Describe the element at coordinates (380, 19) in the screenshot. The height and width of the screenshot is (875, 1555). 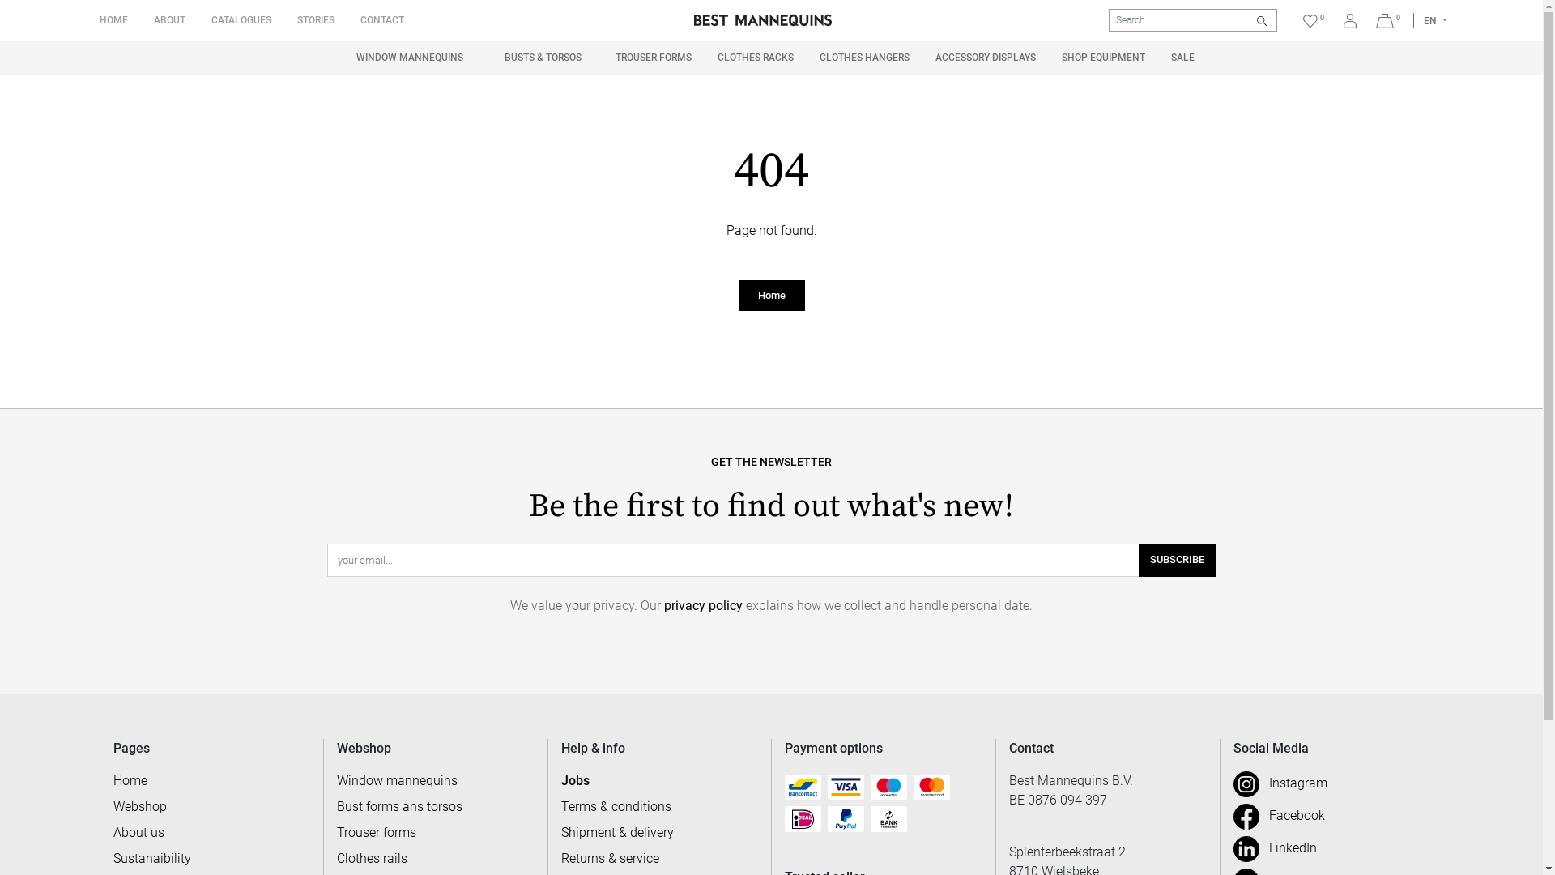
I see `'CONTACT'` at that location.